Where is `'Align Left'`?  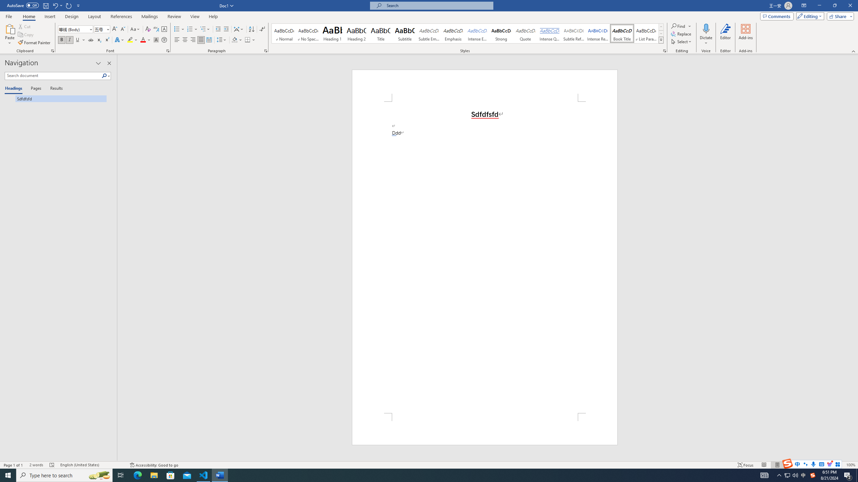
'Align Left' is located at coordinates (177, 39).